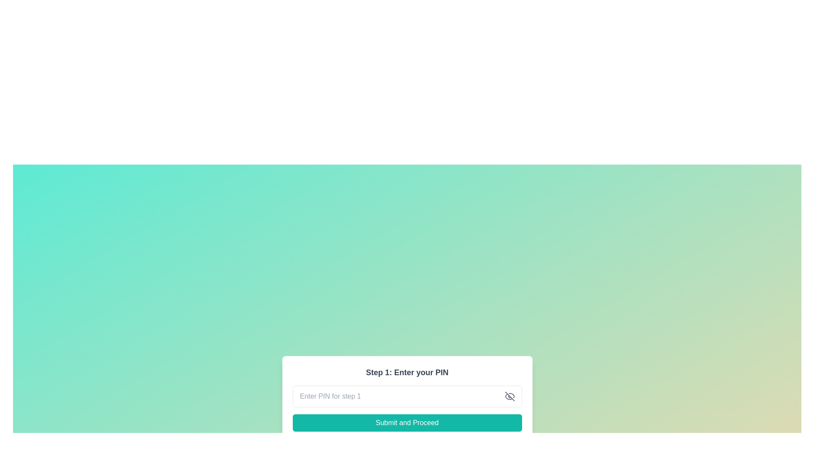 Image resolution: width=834 pixels, height=469 pixels. I want to click on the text header that displays 'Step 1: Enter your PIN', so click(407, 372).